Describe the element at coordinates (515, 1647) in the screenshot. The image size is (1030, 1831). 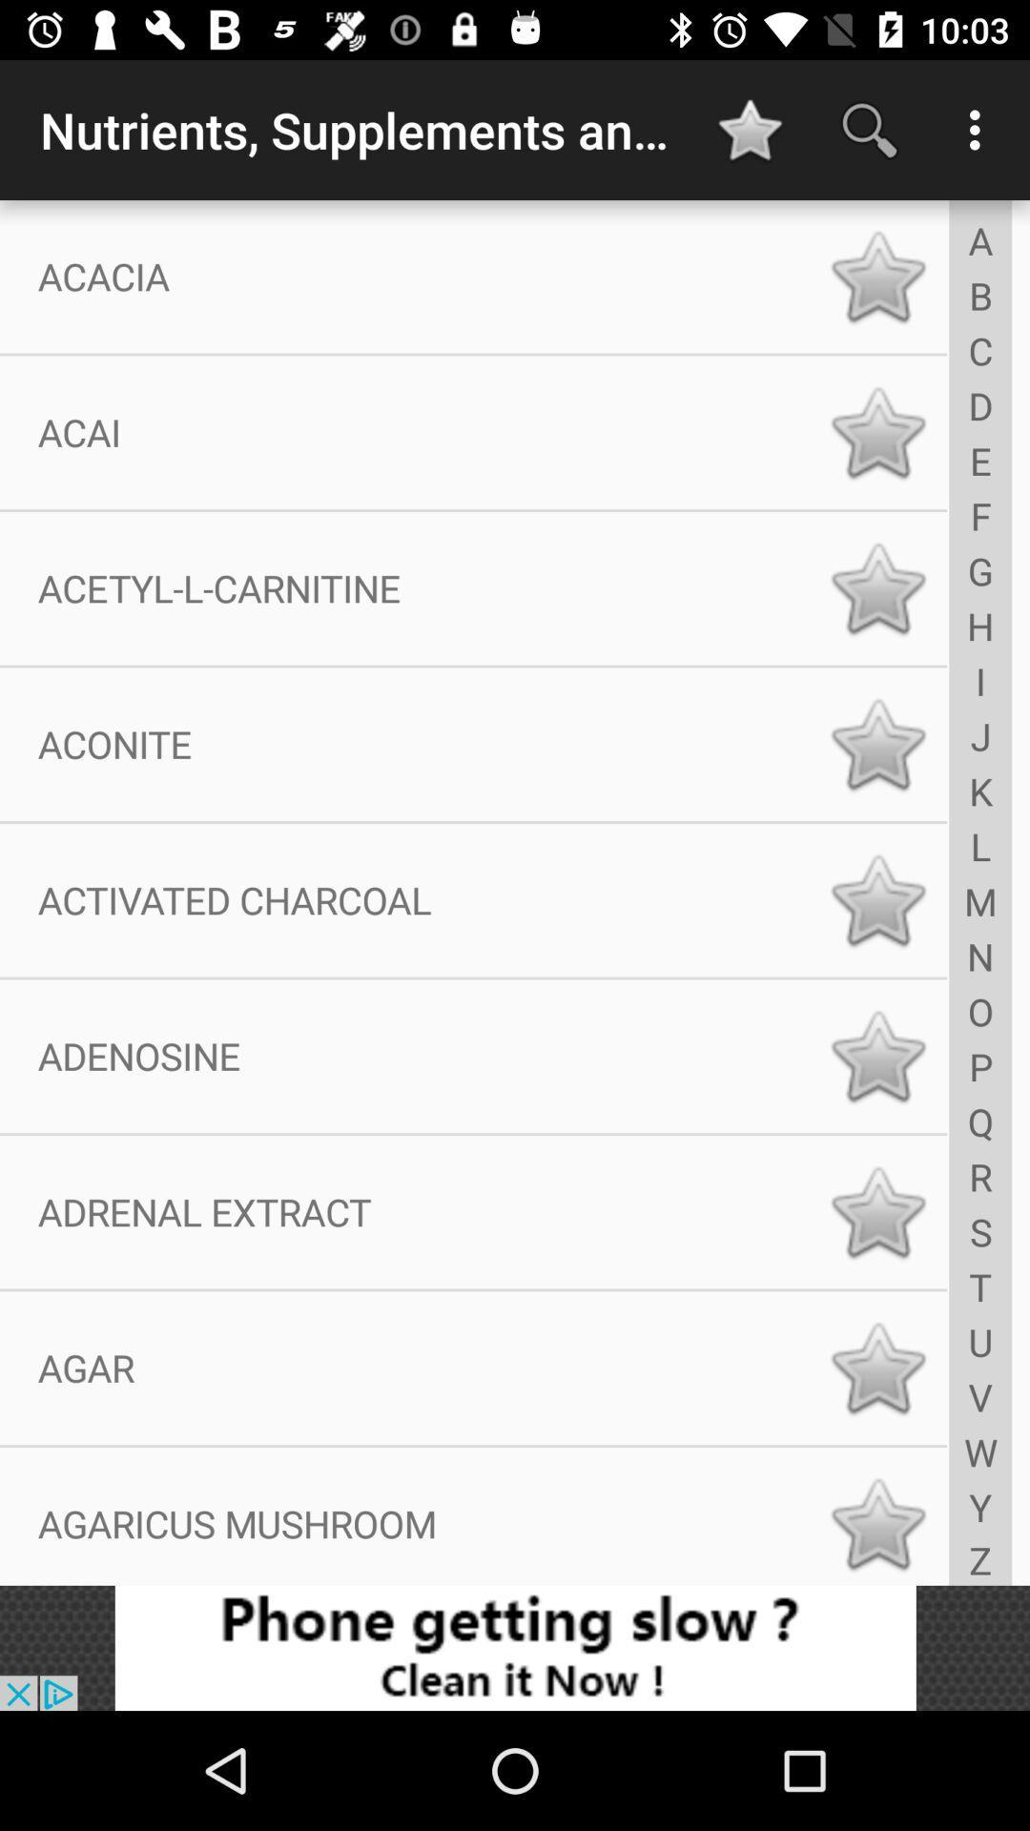
I see `click bottom advertisement` at that location.